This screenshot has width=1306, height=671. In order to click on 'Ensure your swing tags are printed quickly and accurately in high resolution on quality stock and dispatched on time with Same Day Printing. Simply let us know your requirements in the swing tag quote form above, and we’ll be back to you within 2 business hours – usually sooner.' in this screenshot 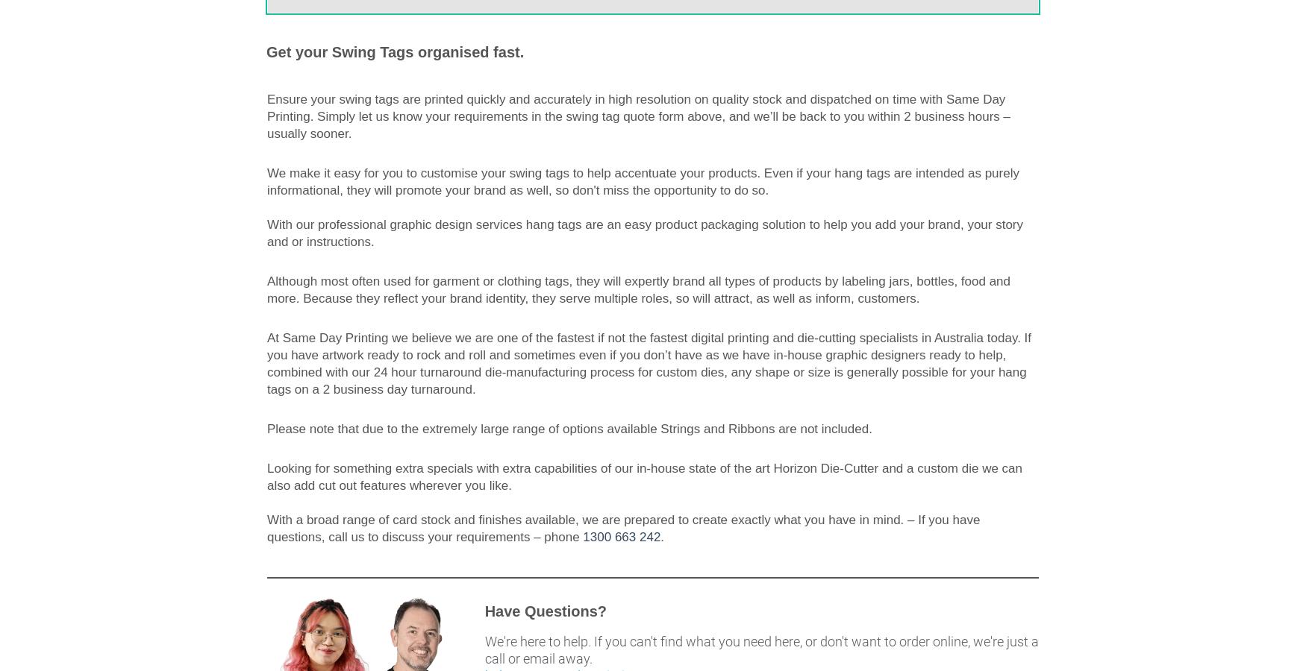, I will do `click(638, 116)`.